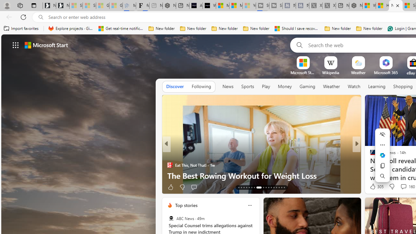 The image size is (416, 234). What do you see at coordinates (382, 145) in the screenshot?
I see `'More actions'` at bounding box center [382, 145].